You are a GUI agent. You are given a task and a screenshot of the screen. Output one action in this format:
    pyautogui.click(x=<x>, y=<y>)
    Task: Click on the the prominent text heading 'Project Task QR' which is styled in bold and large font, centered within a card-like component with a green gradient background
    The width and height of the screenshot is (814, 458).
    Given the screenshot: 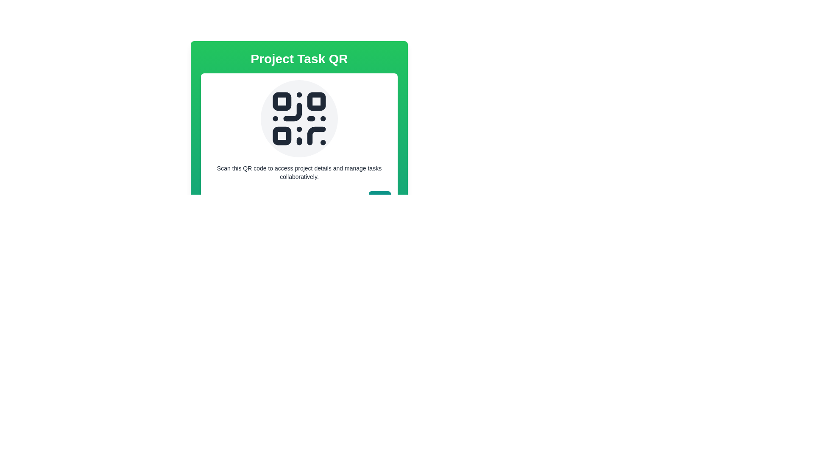 What is the action you would take?
    pyautogui.click(x=299, y=58)
    